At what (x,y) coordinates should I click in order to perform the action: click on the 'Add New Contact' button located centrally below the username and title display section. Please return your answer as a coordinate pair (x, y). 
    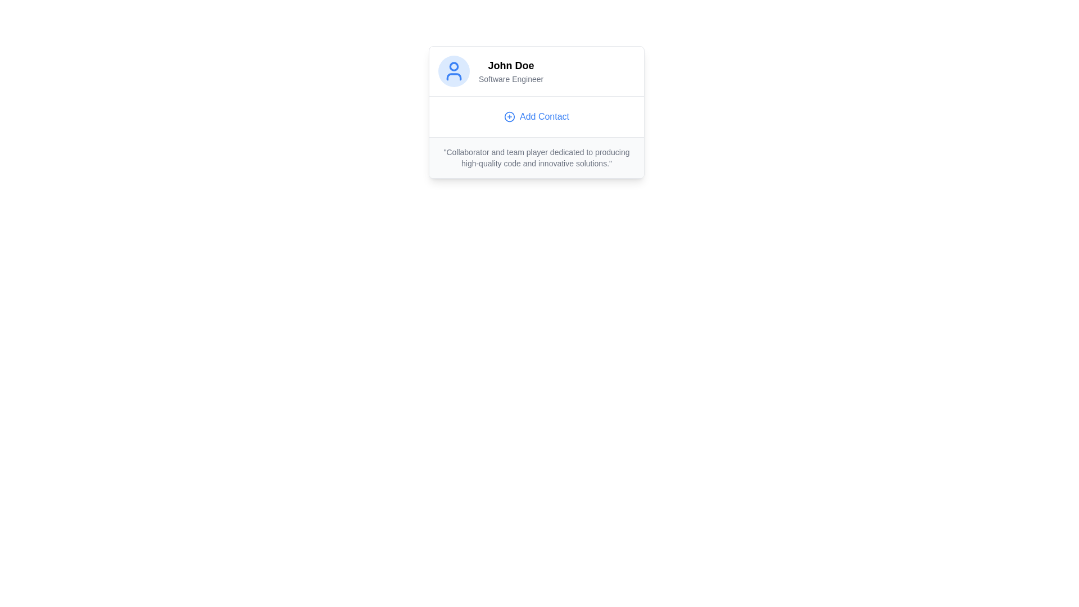
    Looking at the image, I should click on (536, 117).